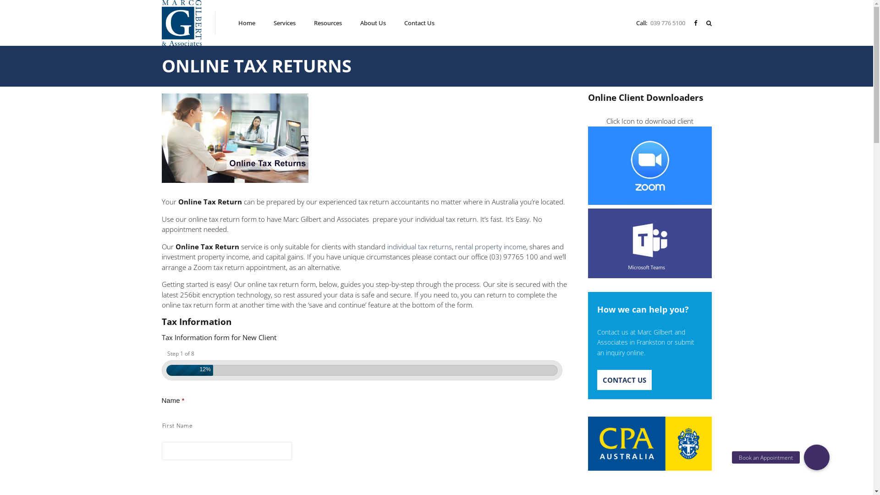 This screenshot has width=880, height=495. What do you see at coordinates (418, 246) in the screenshot?
I see `'individual tax returns'` at bounding box center [418, 246].